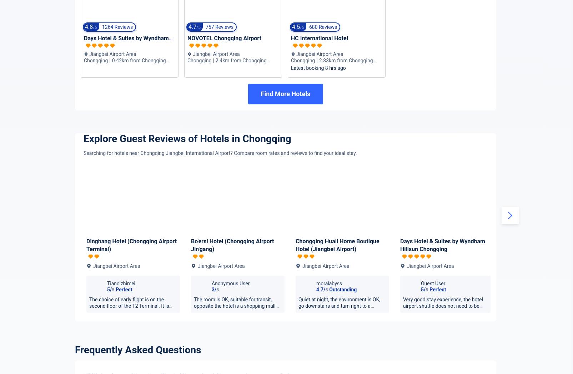  I want to click on '4.6', so click(471, 263).